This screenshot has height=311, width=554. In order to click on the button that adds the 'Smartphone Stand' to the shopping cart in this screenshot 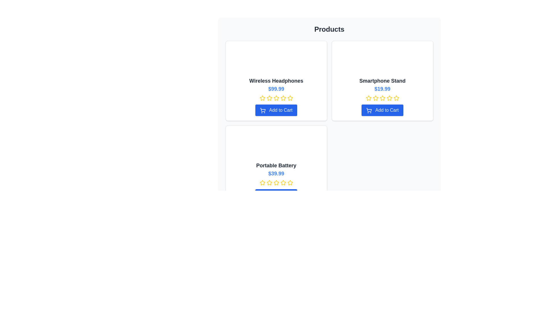, I will do `click(382, 110)`.